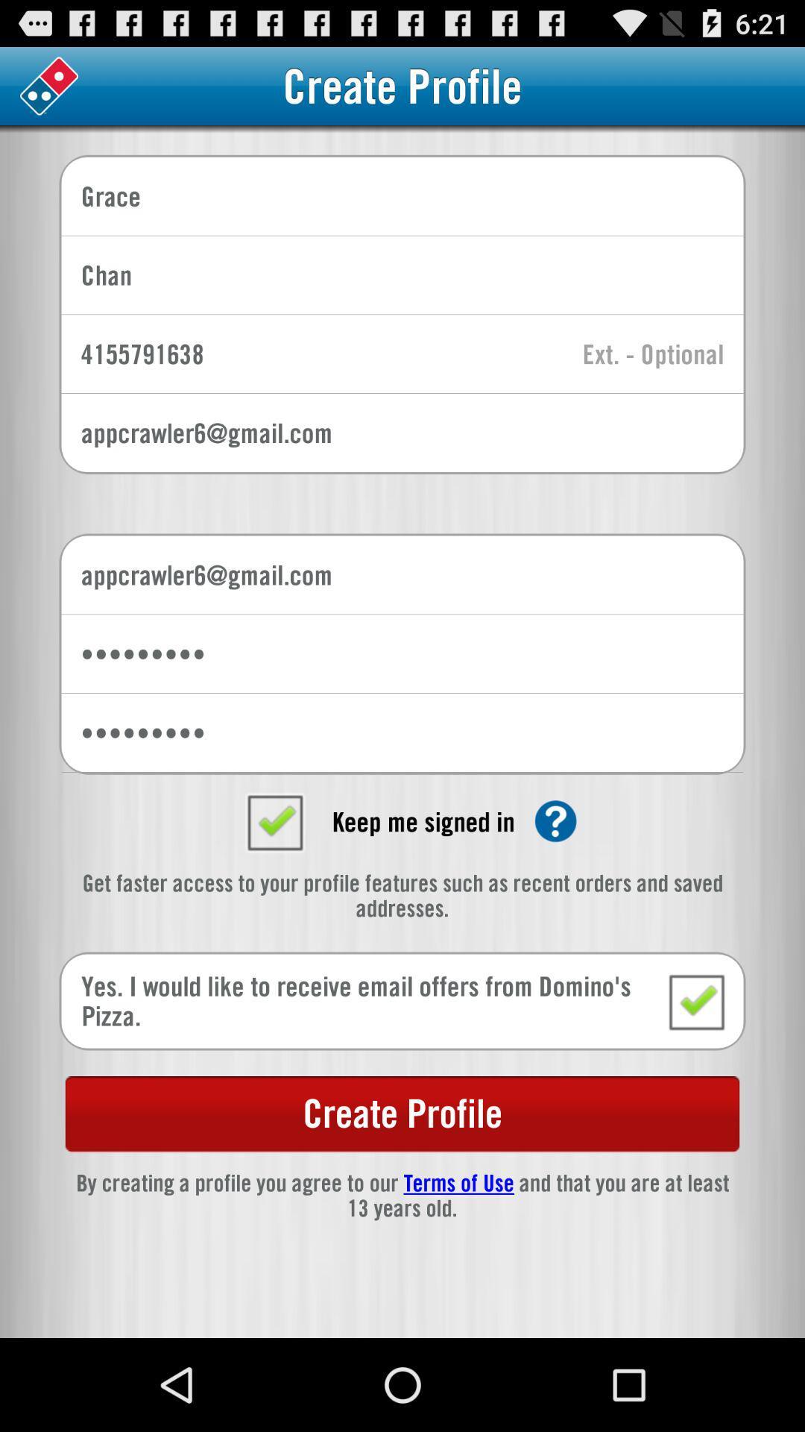 Image resolution: width=805 pixels, height=1432 pixels. Describe the element at coordinates (48, 85) in the screenshot. I see `home` at that location.